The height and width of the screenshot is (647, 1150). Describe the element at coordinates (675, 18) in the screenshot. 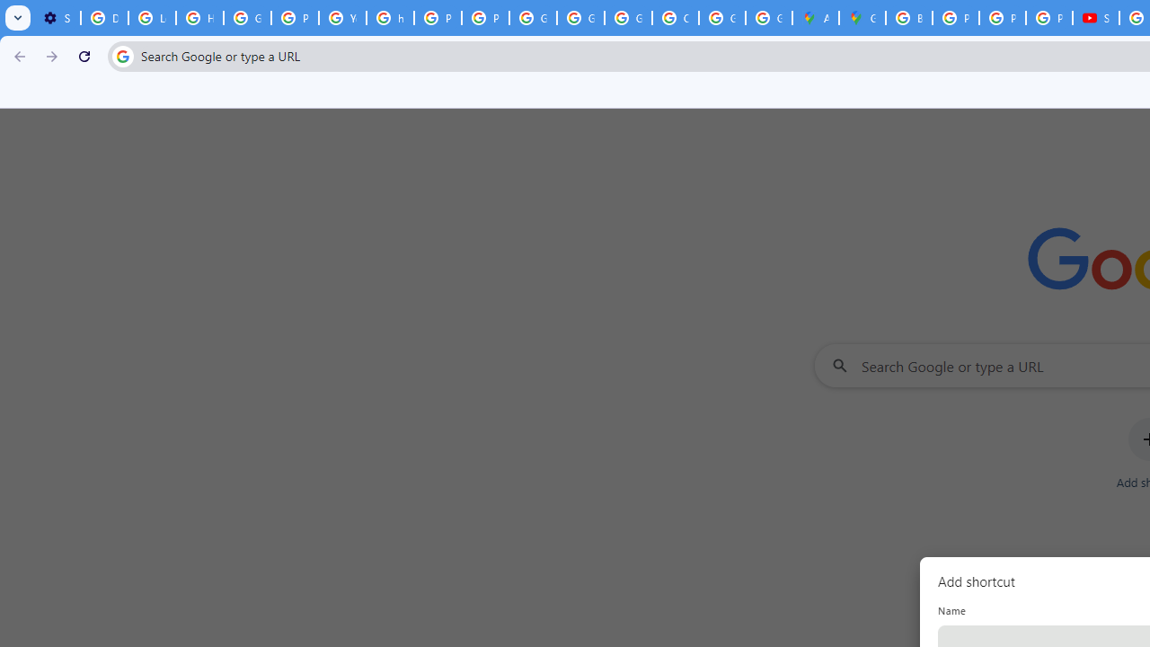

I see `'Create your Google Account'` at that location.